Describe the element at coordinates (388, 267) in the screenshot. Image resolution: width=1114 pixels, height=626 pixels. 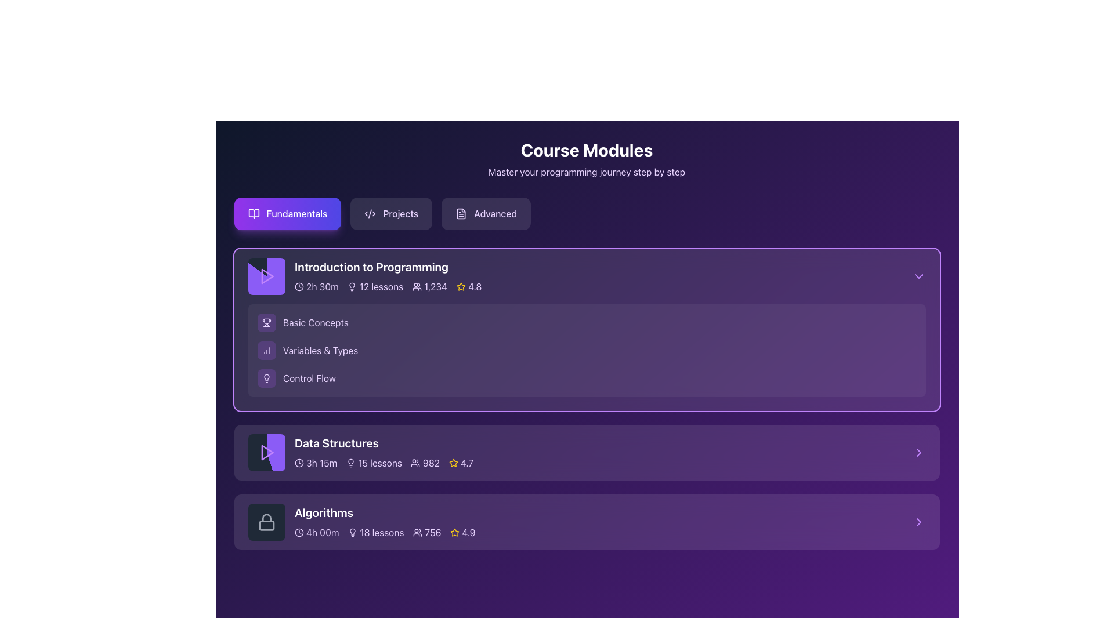
I see `the text heading 'Introduction to Programming' displayed in bold white font within a purple-tinted box to copy the text, if supported` at that location.